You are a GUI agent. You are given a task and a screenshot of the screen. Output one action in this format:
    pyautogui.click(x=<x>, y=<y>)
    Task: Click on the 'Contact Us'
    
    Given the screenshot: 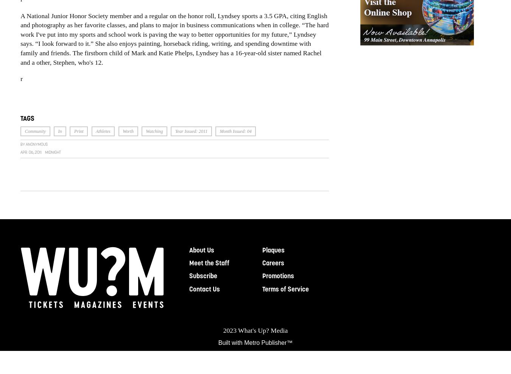 What is the action you would take?
    pyautogui.click(x=204, y=288)
    